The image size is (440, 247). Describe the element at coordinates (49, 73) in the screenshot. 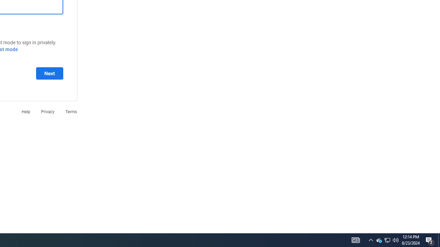

I see `'Next'` at that location.